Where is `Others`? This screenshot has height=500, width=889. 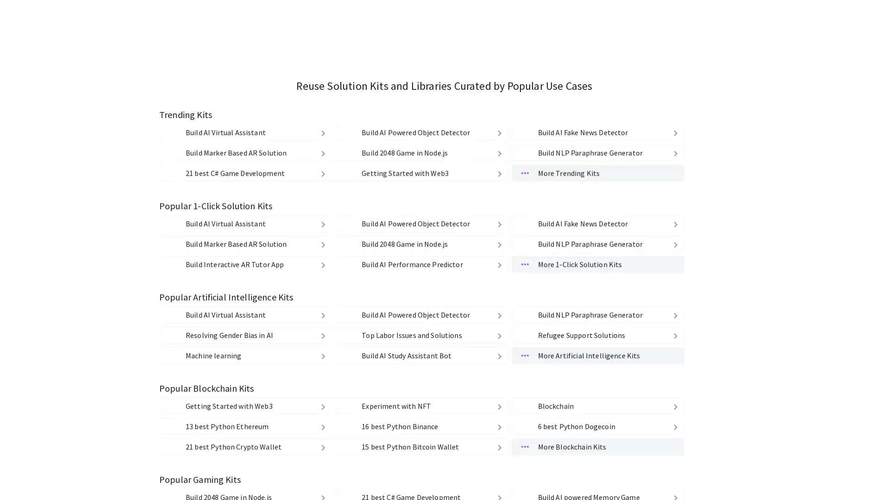
Others is located at coordinates (351, 273).